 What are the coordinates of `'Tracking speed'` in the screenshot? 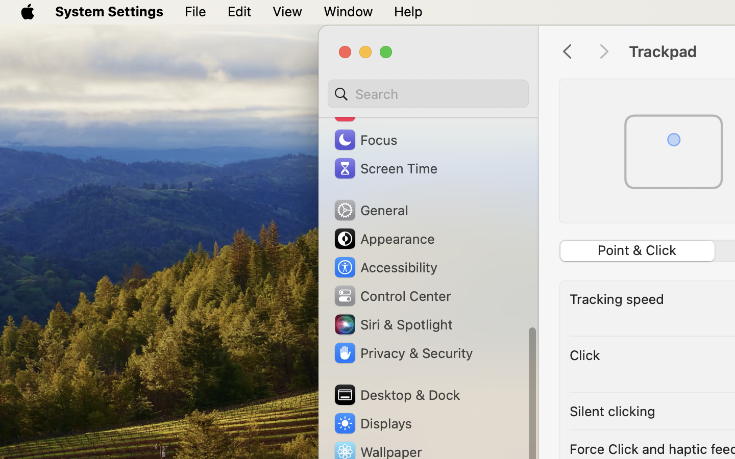 It's located at (617, 298).